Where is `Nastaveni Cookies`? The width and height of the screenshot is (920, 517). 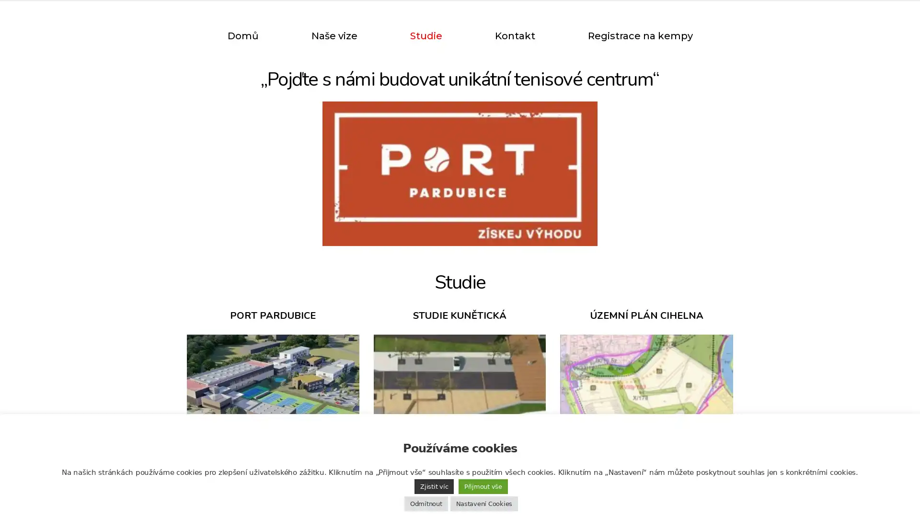
Nastaveni Cookies is located at coordinates (483, 503).